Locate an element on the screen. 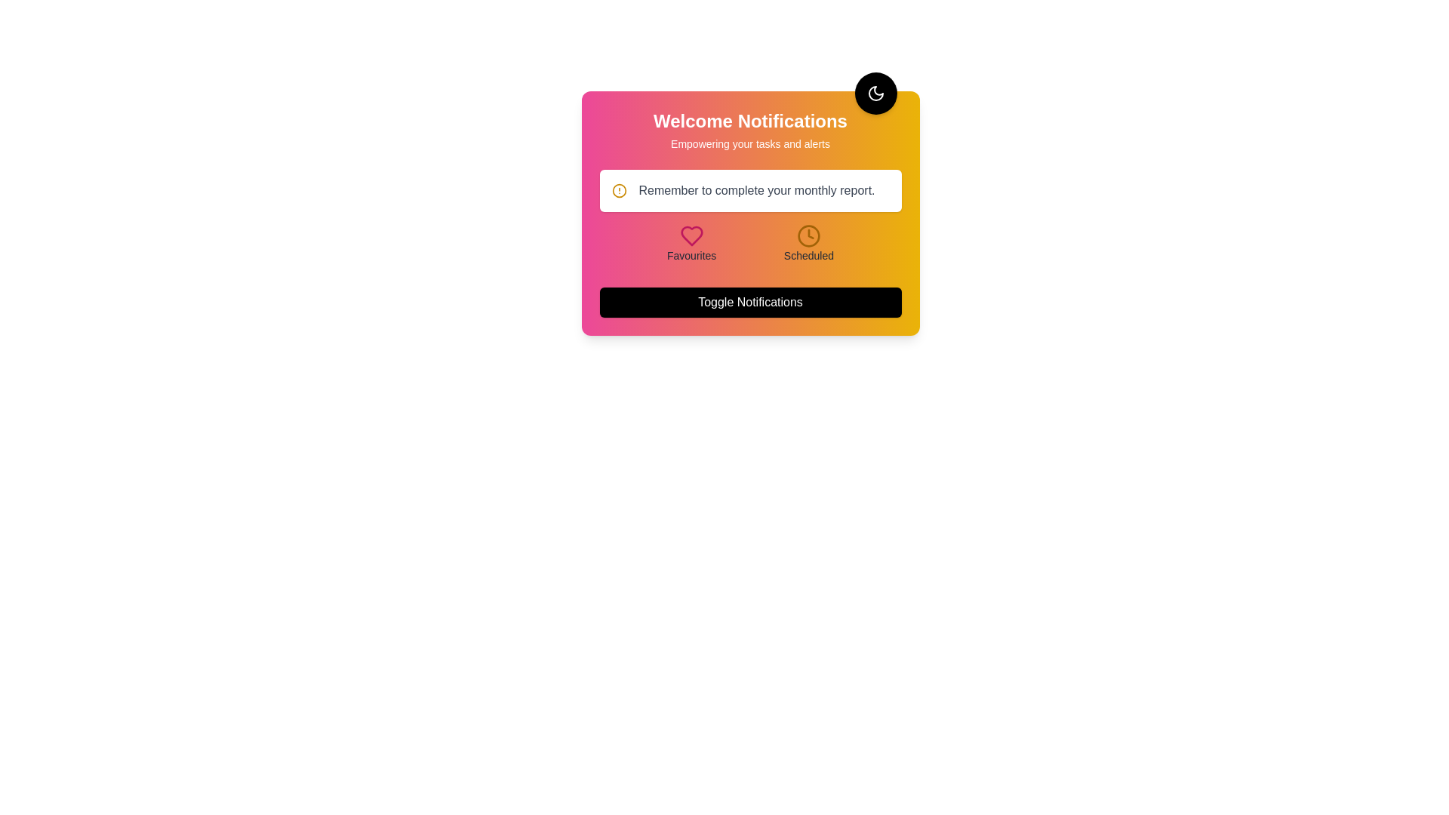  the informational alert text with accompanying icon that reminds the user about completing a monthly report, which is displayed in a notification box above the 'Favourites' and 'Scheduled' icons is located at coordinates (750, 190).